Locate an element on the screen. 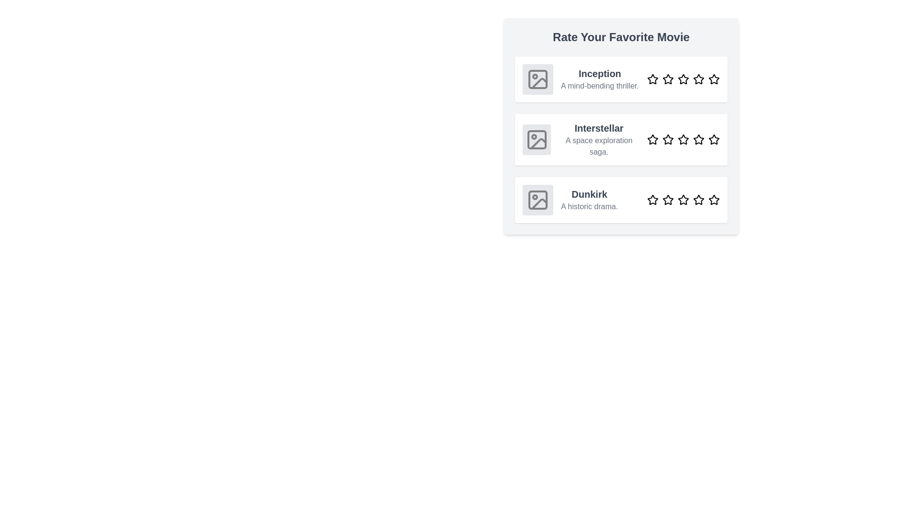 Image resolution: width=919 pixels, height=517 pixels. the third star rating button for the movie 'Interstellar' is located at coordinates (683, 140).